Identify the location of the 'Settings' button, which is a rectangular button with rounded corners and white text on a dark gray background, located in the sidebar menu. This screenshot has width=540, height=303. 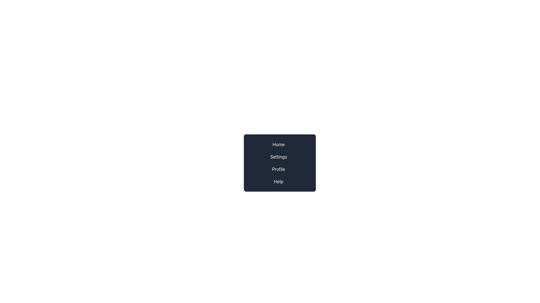
(280, 157).